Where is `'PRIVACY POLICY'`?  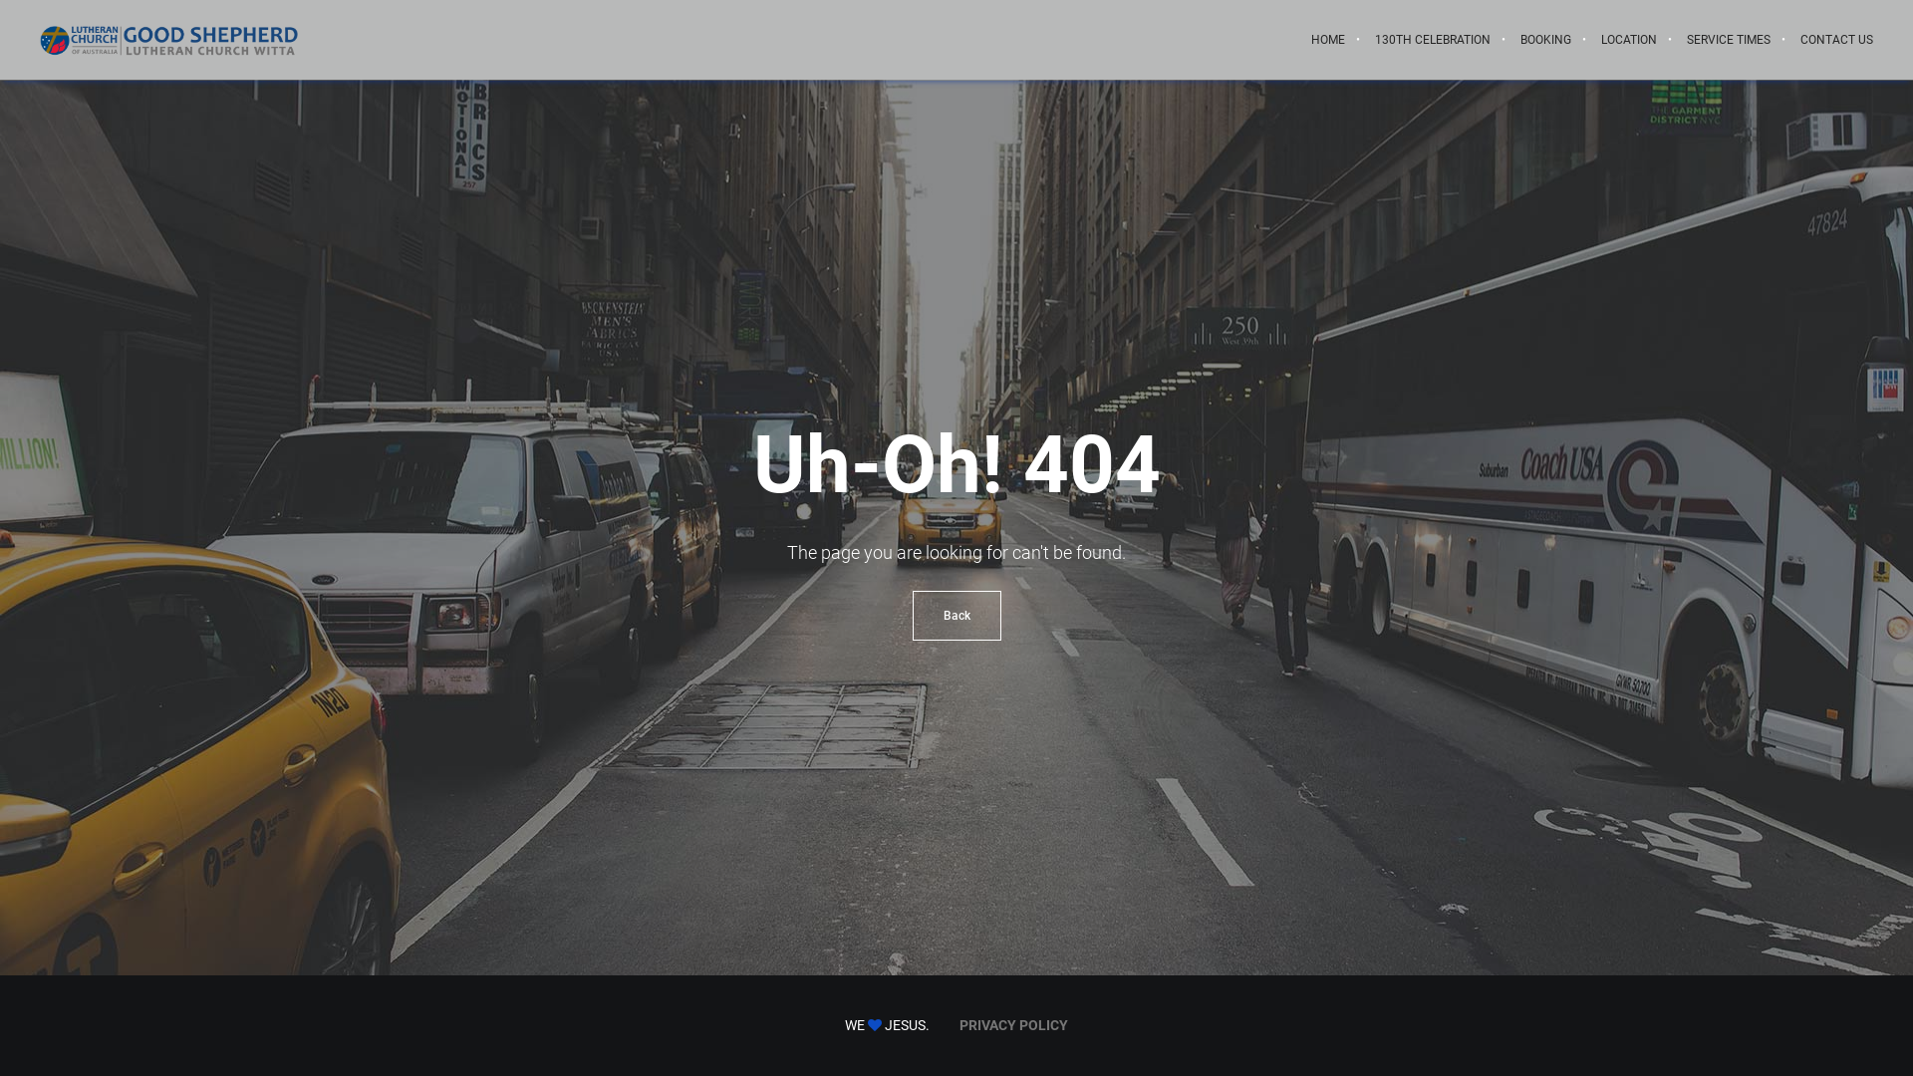
'PRIVACY POLICY' is located at coordinates (959, 1025).